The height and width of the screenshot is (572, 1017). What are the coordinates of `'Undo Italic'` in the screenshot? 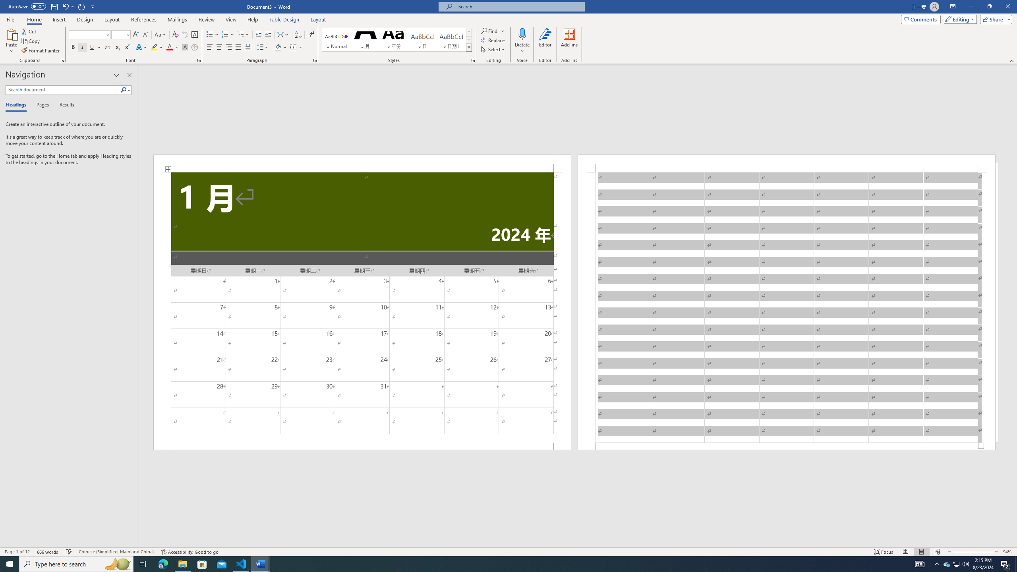 It's located at (65, 6).